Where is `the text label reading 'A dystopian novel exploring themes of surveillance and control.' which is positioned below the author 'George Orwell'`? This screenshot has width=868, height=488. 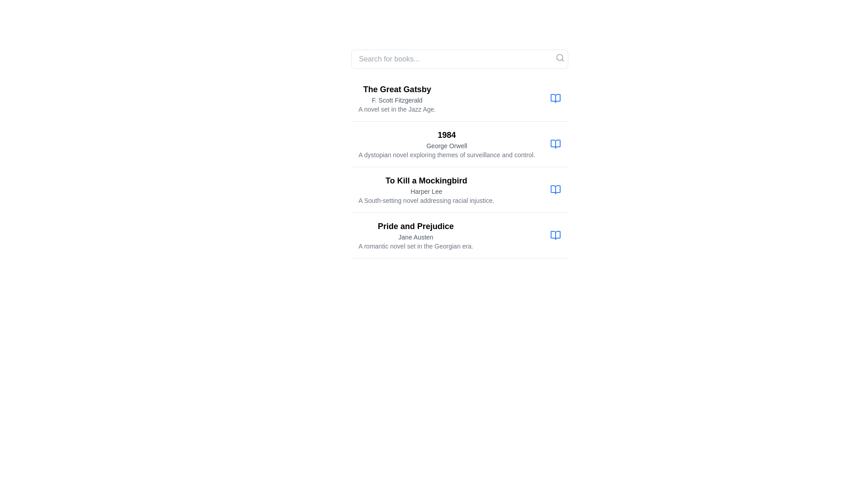
the text label reading 'A dystopian novel exploring themes of surveillance and control.' which is positioned below the author 'George Orwell' is located at coordinates (447, 155).